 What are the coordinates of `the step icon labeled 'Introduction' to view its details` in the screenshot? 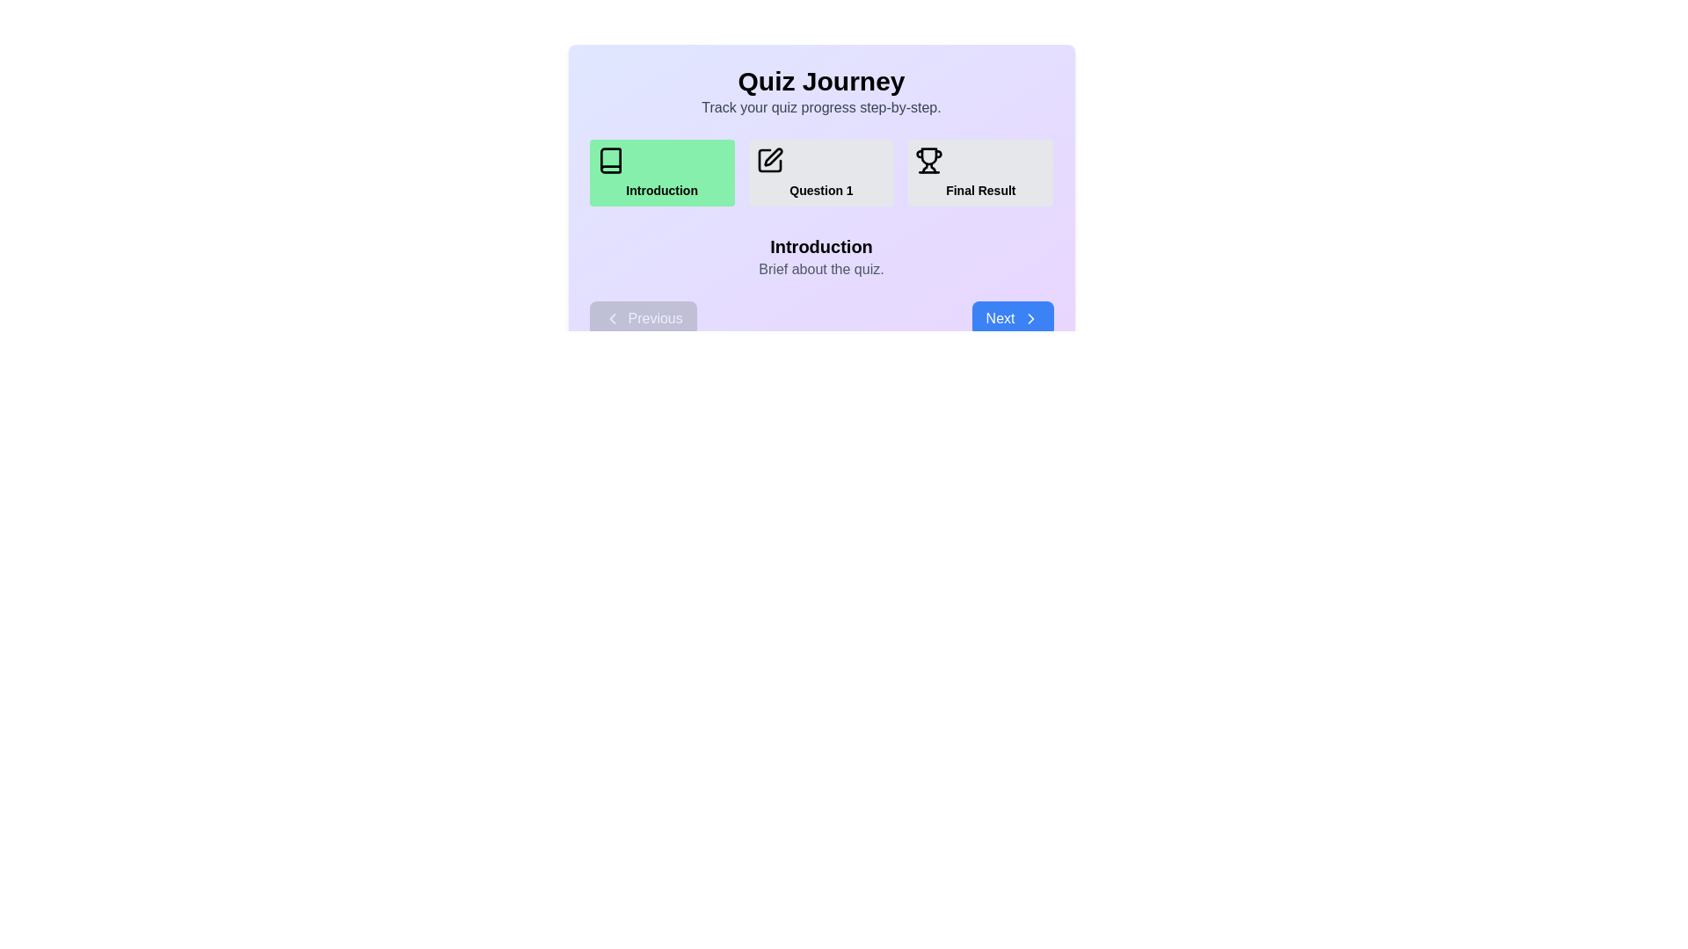 It's located at (661, 172).